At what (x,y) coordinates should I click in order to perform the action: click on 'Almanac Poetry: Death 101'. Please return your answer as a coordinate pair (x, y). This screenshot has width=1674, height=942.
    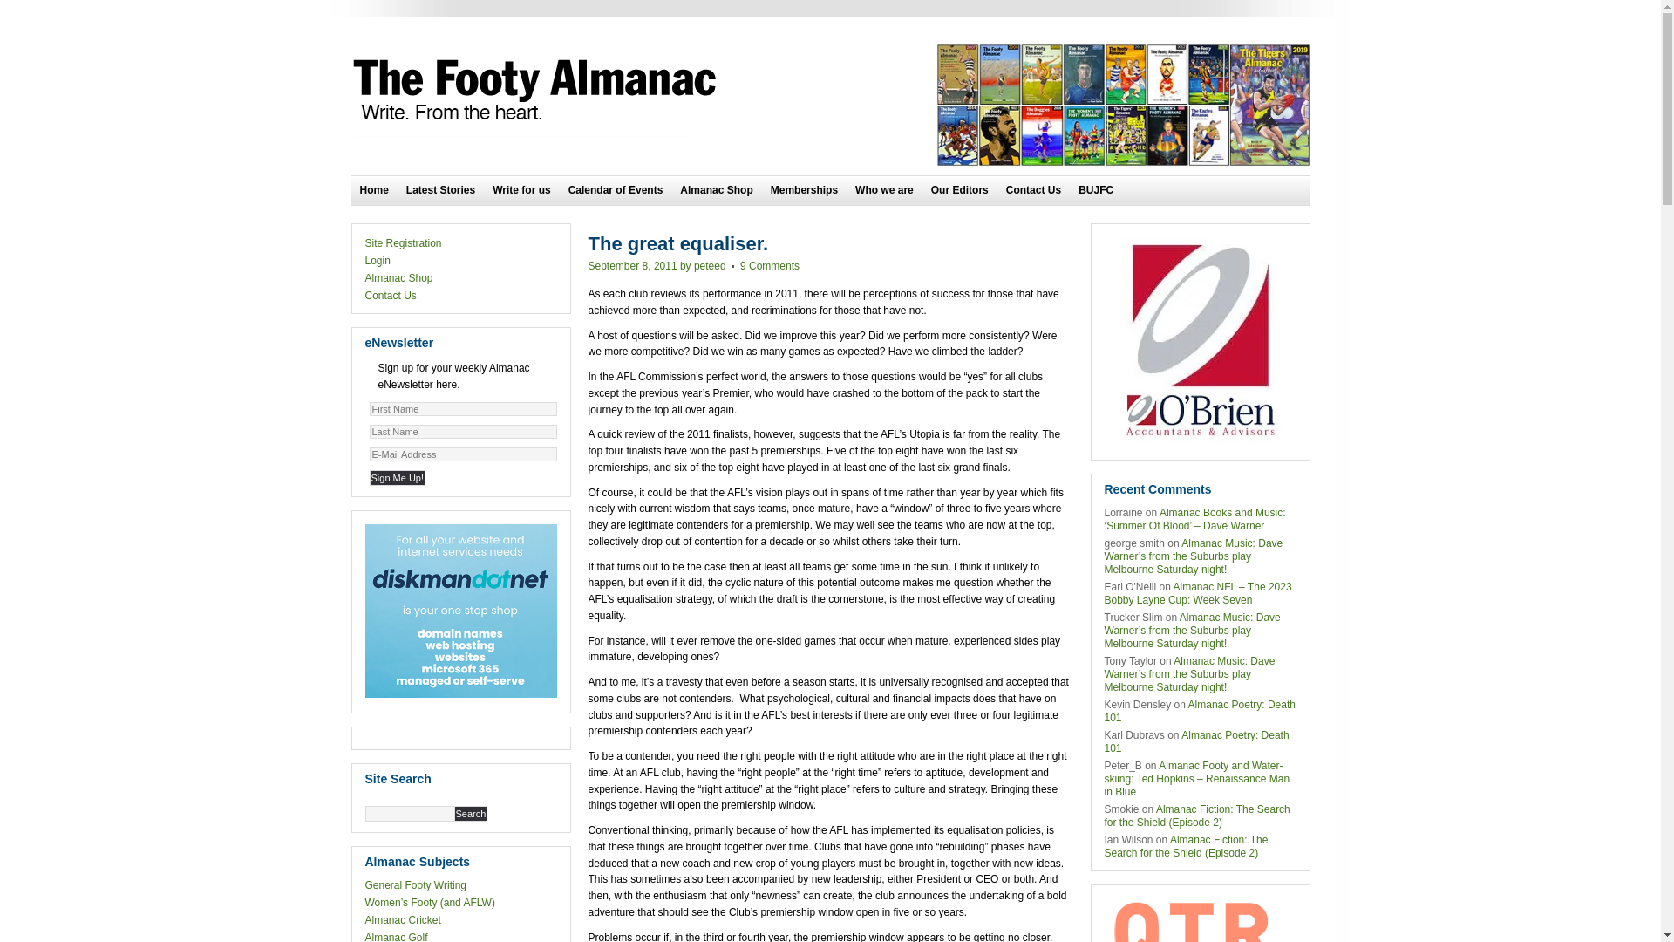
    Looking at the image, I should click on (1195, 741).